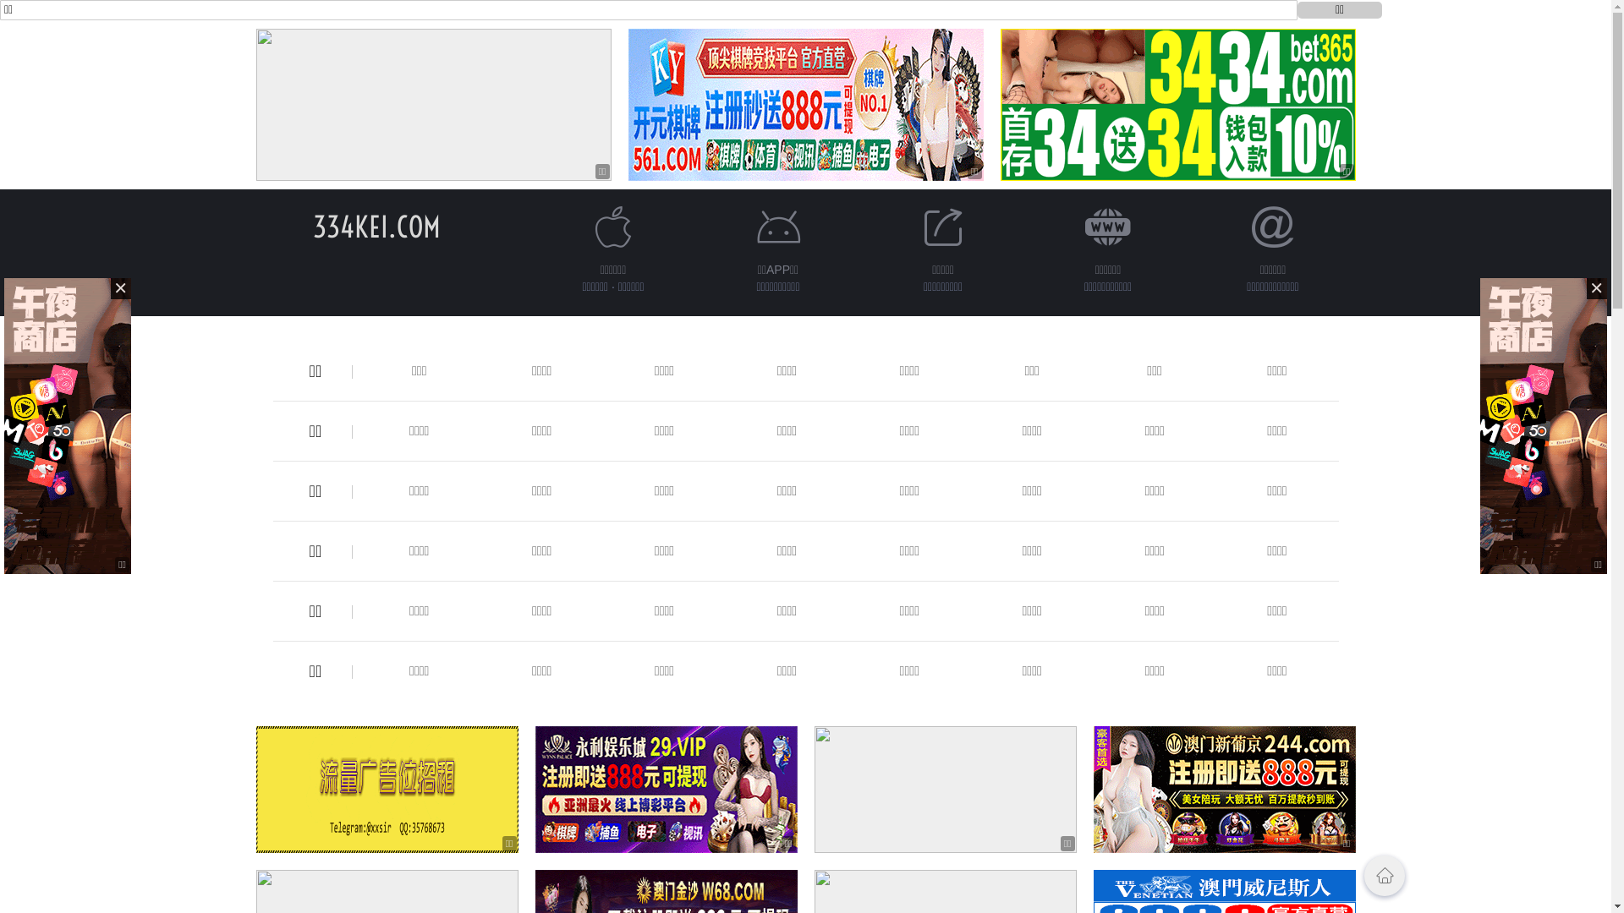 The height and width of the screenshot is (913, 1624). What do you see at coordinates (376, 226) in the screenshot?
I see `'334KEI.COM'` at bounding box center [376, 226].